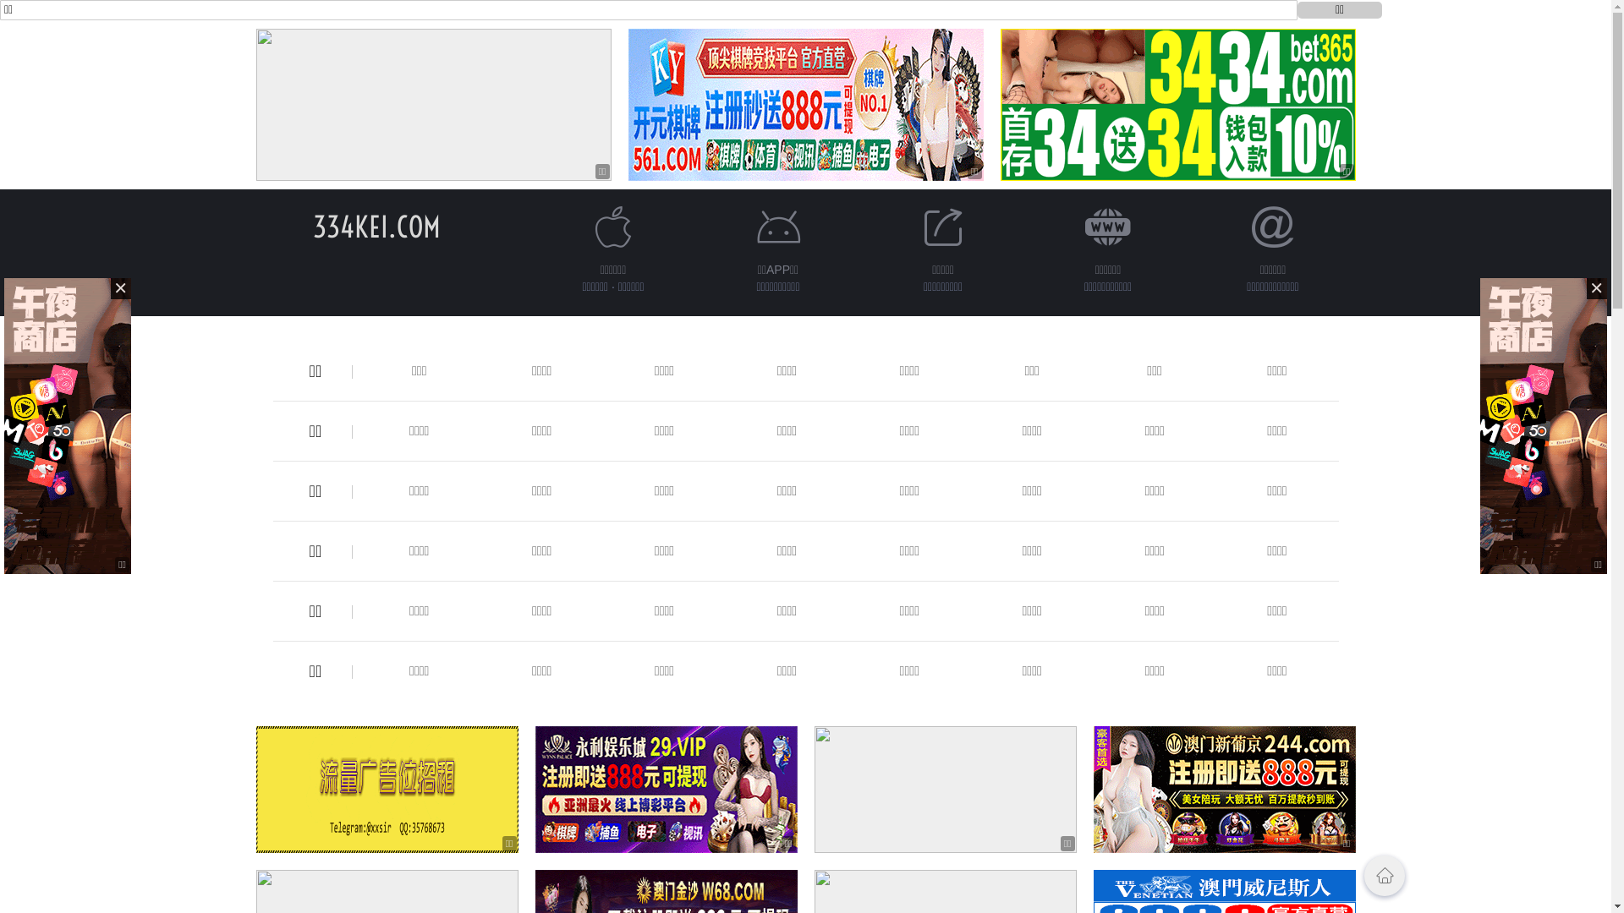 The height and width of the screenshot is (913, 1624). What do you see at coordinates (376, 226) in the screenshot?
I see `'334KEI.COM'` at bounding box center [376, 226].